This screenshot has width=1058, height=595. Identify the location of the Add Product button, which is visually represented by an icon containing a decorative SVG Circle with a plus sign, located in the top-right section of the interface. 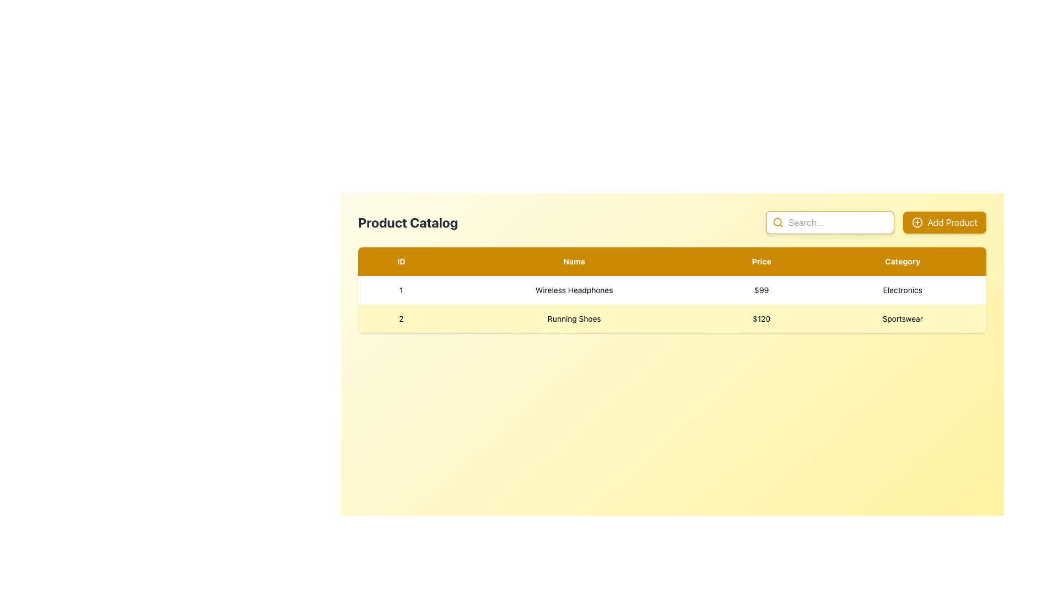
(917, 223).